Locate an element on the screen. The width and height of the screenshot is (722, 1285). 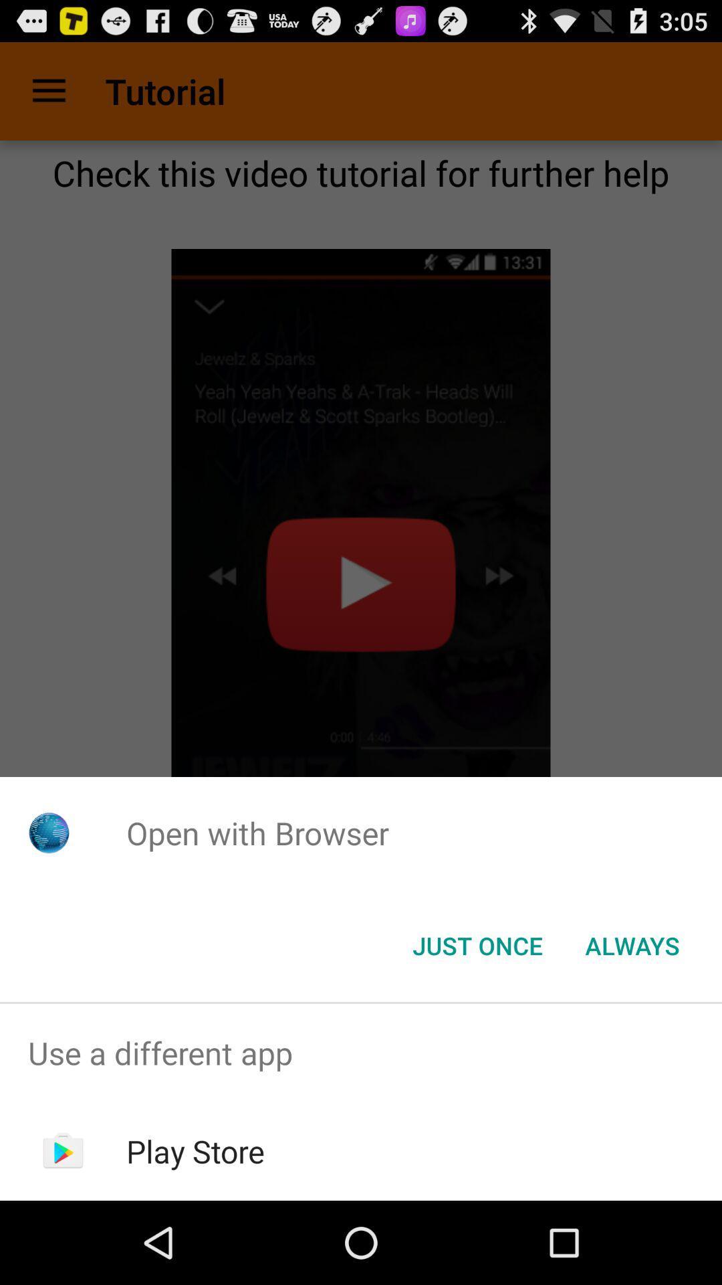
the just once button is located at coordinates (477, 944).